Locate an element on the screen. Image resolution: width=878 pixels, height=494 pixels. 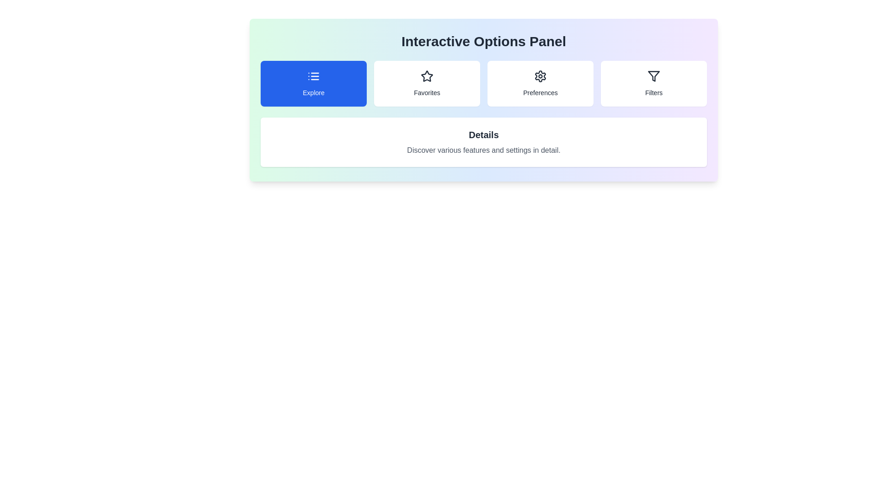
the gear-shaped icon representing settings within the third option card titled 'Preferences' in the Interactive Options Panel is located at coordinates (540, 75).